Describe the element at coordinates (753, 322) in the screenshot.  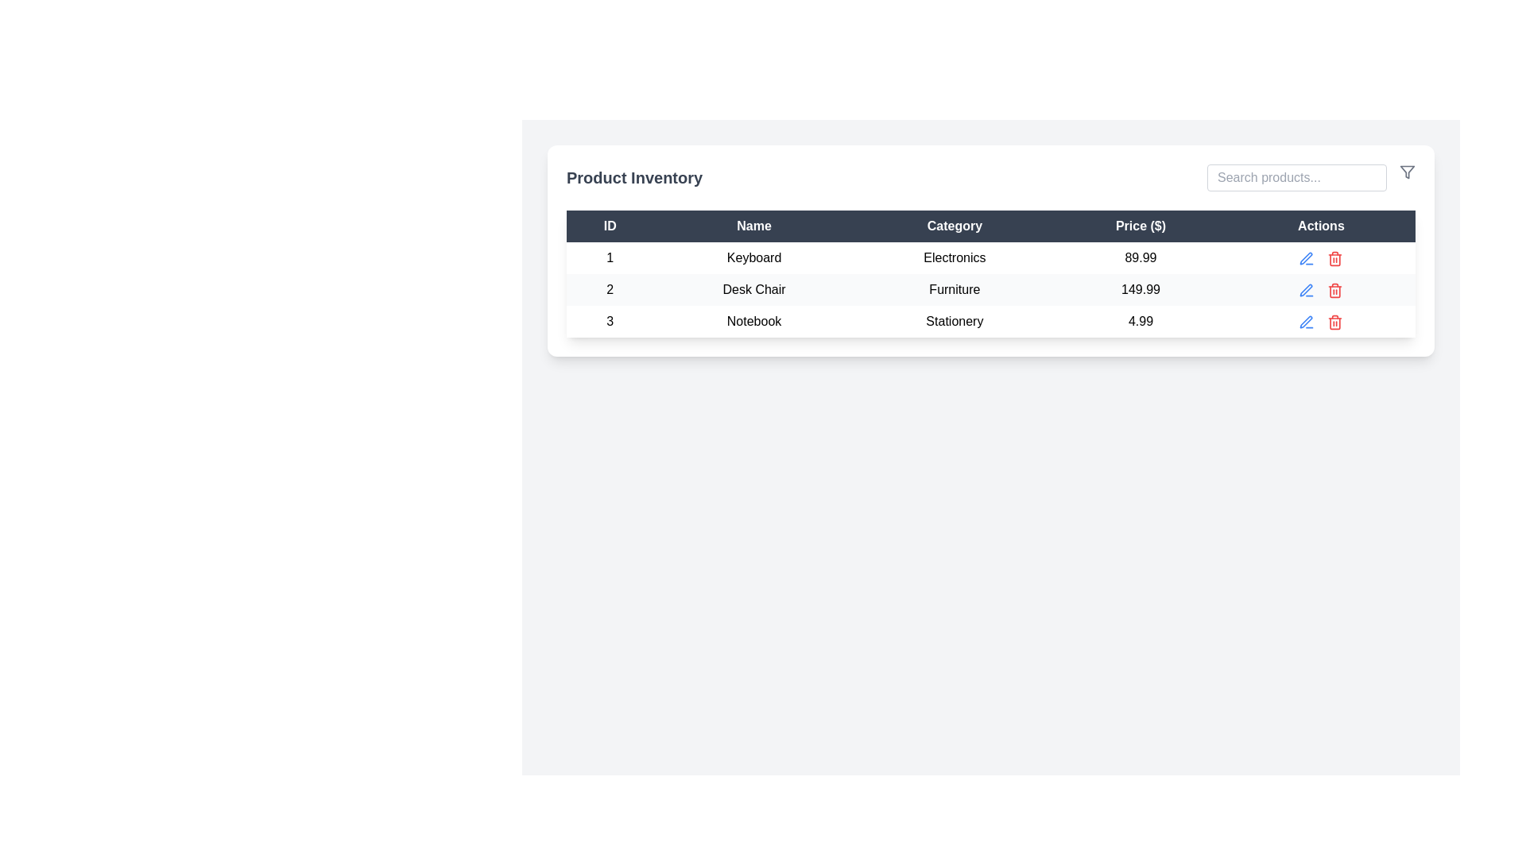
I see `the text label that identifies the name associated with the third row entry in the product inventory table, located under the 'Name' column, adjacent to '3' on the left and 'Stationery' on the right` at that location.